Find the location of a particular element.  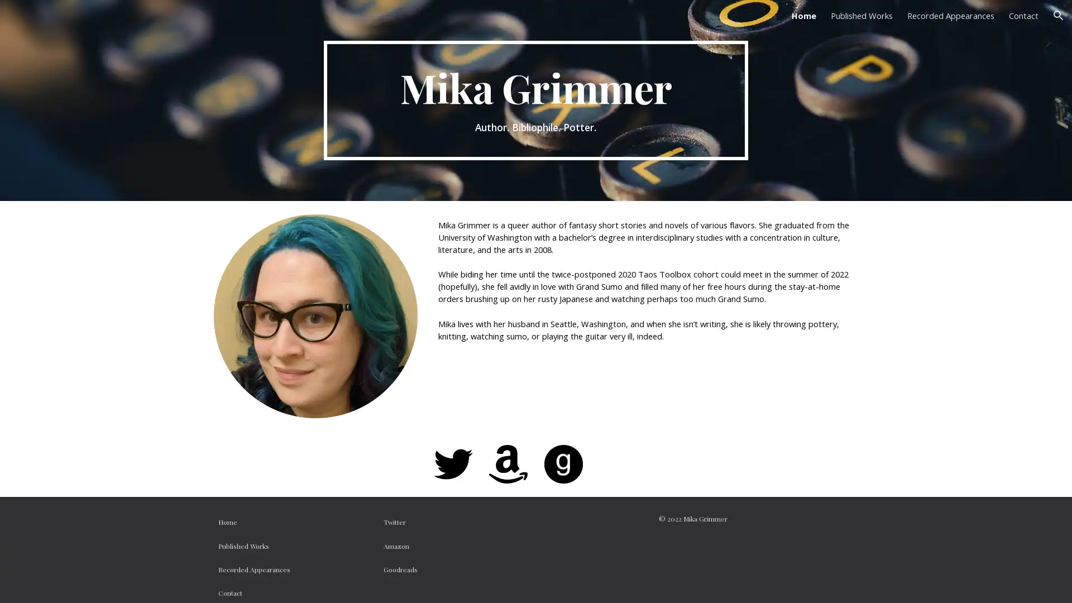

Skip to navigation is located at coordinates (636, 21).